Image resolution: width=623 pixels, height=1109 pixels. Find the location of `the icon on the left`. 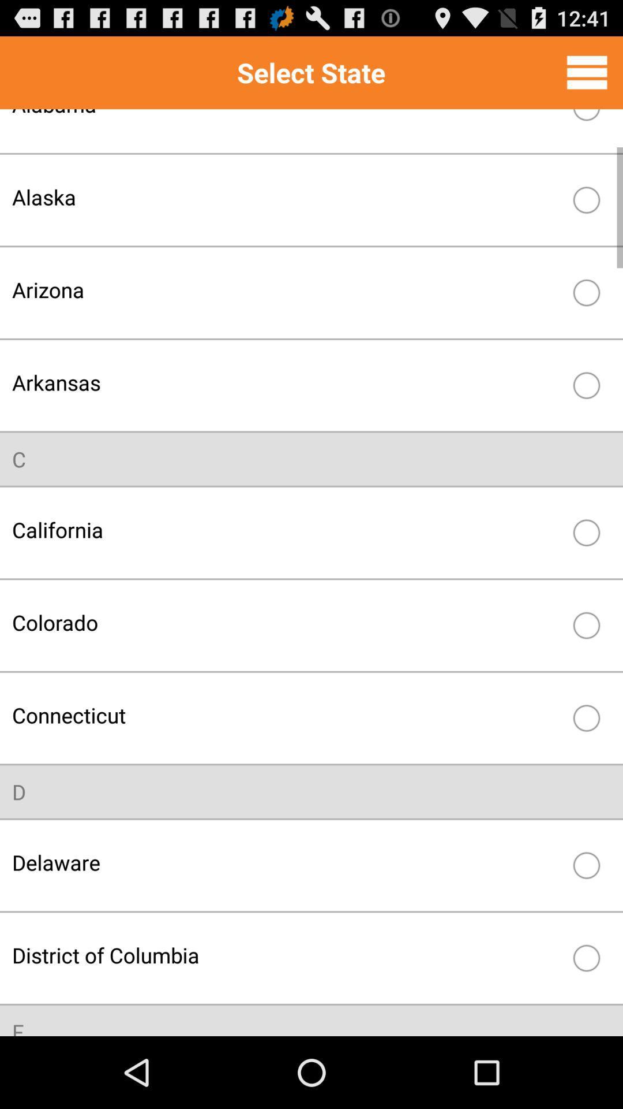

the icon on the left is located at coordinates (19, 459).